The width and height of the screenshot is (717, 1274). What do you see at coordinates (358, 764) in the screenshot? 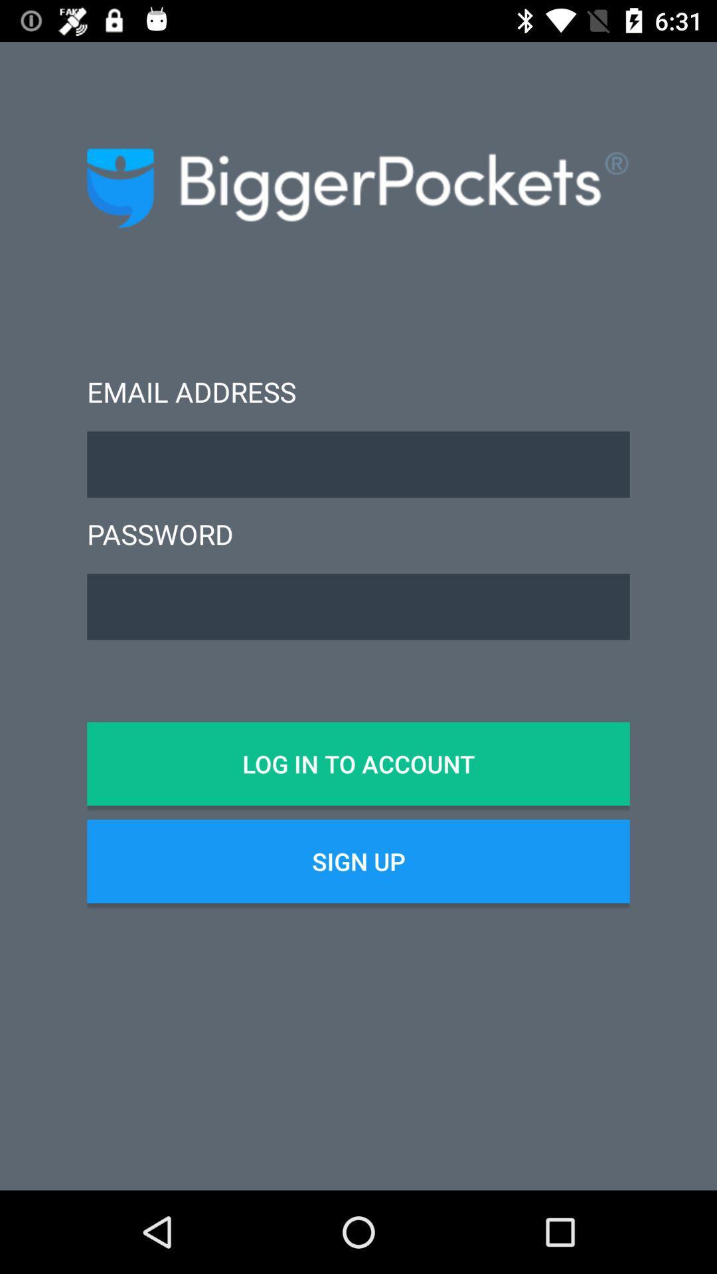
I see `the log in to icon` at bounding box center [358, 764].